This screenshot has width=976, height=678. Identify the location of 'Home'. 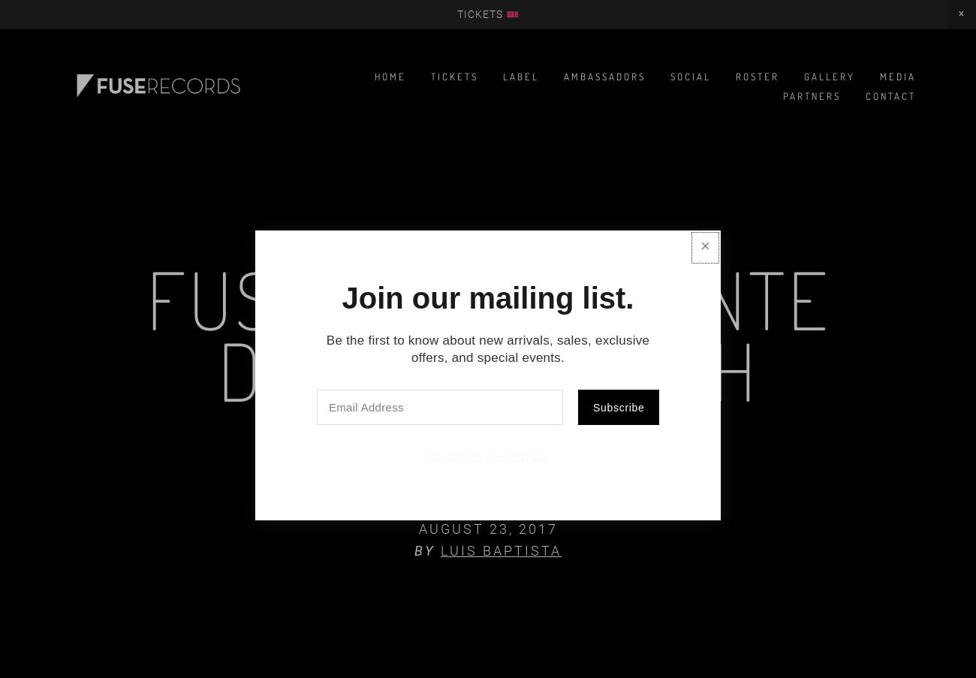
(390, 77).